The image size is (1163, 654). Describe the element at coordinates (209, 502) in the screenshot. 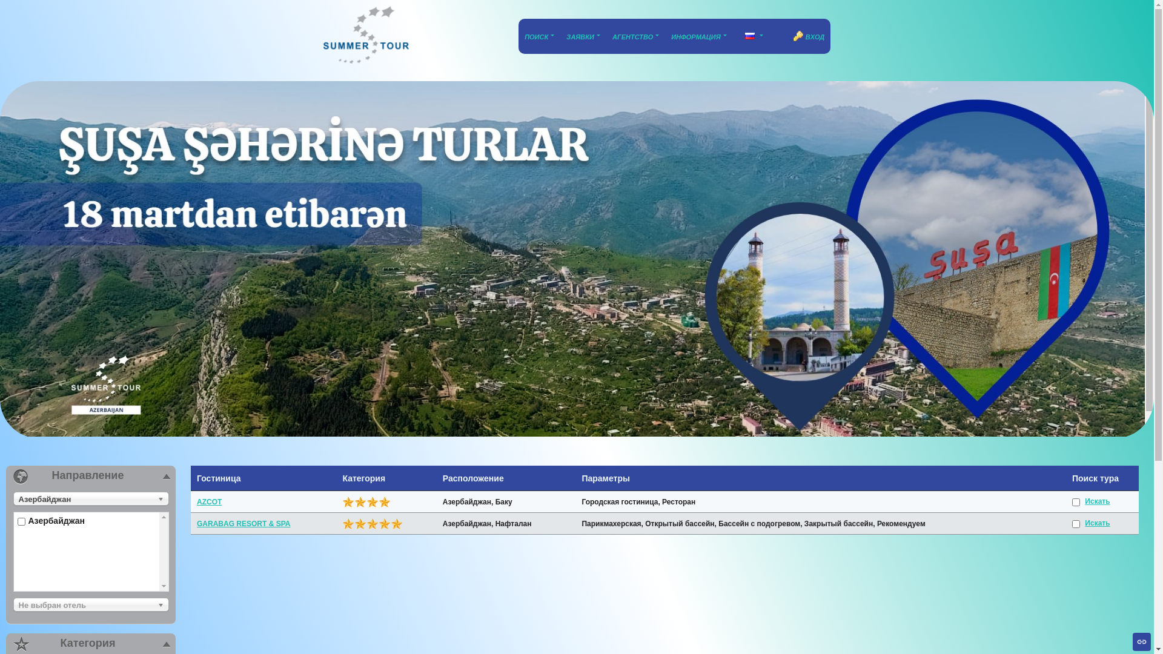

I see `'AZCOT'` at that location.